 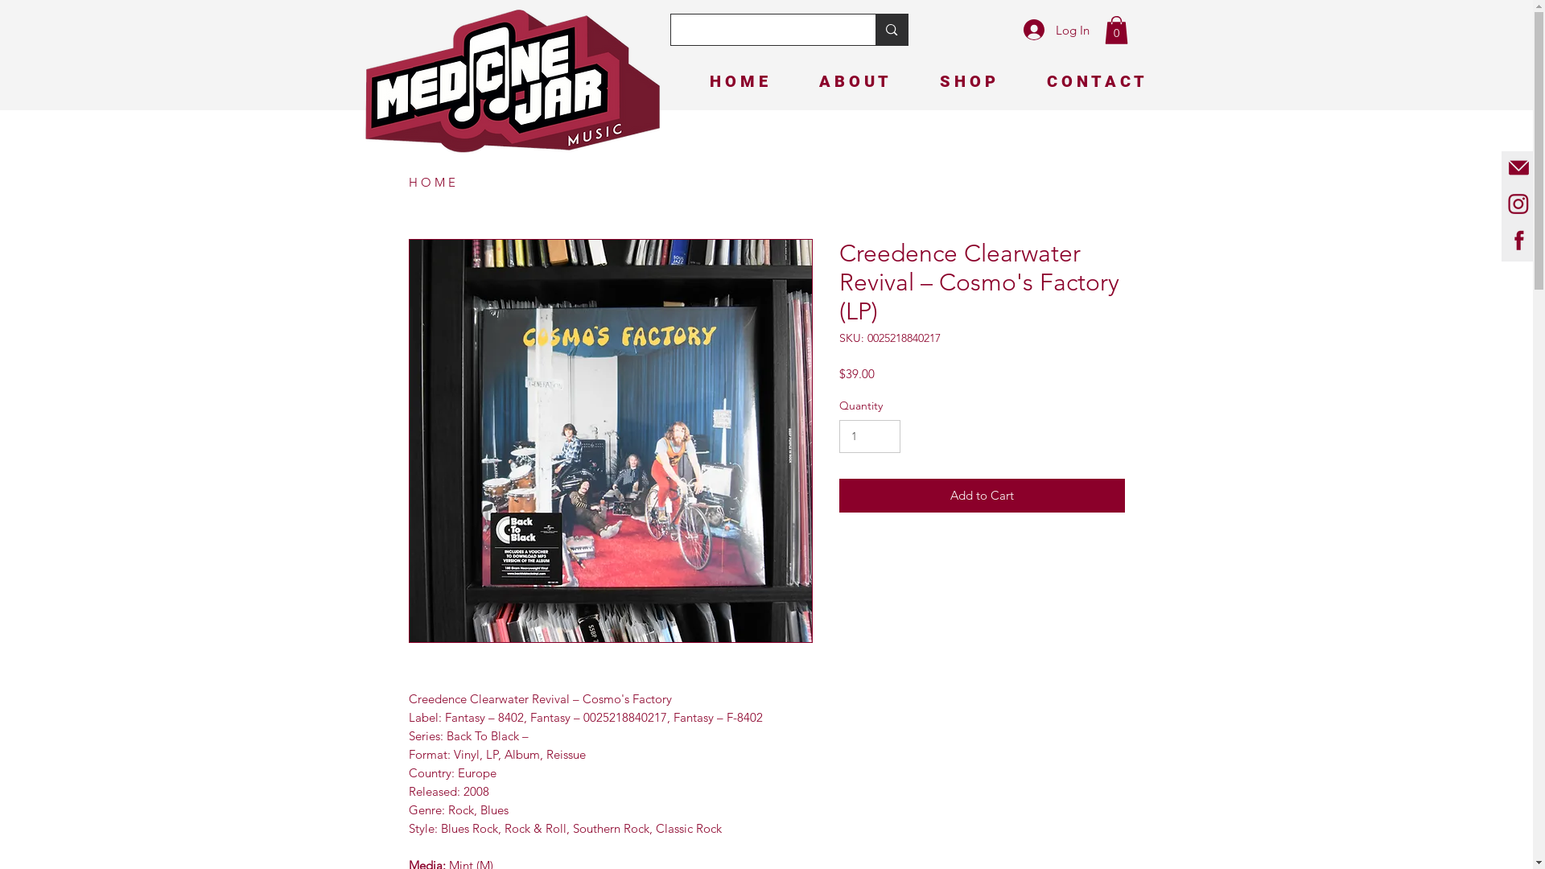 What do you see at coordinates (980, 495) in the screenshot?
I see `'Add to Cart'` at bounding box center [980, 495].